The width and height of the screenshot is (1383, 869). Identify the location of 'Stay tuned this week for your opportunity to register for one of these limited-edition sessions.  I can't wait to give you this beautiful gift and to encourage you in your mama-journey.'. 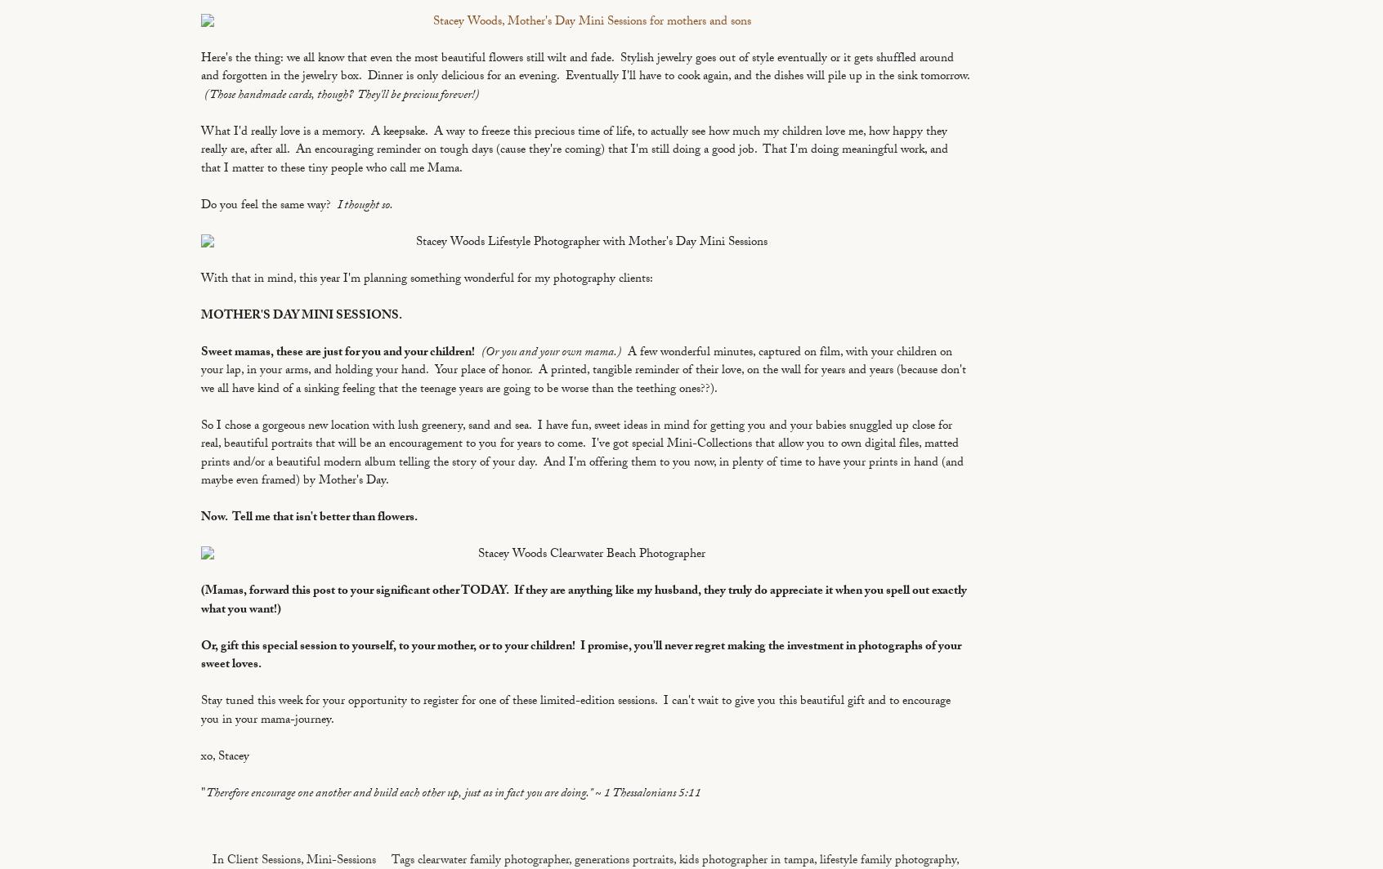
(575, 711).